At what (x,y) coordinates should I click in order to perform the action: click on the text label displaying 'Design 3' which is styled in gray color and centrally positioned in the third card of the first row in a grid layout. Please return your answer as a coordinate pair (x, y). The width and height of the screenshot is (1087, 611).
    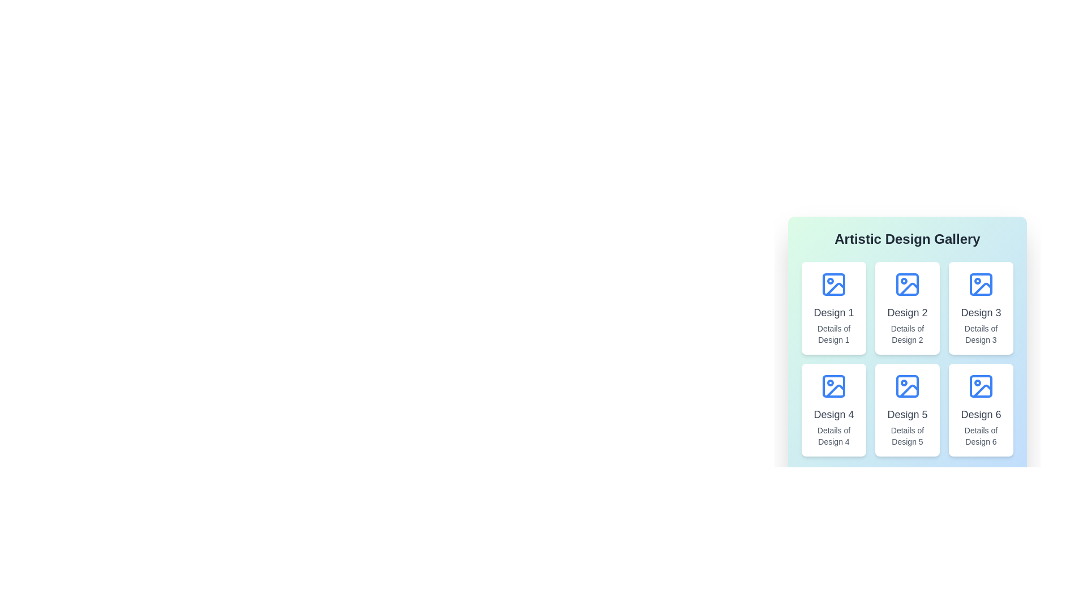
    Looking at the image, I should click on (980, 312).